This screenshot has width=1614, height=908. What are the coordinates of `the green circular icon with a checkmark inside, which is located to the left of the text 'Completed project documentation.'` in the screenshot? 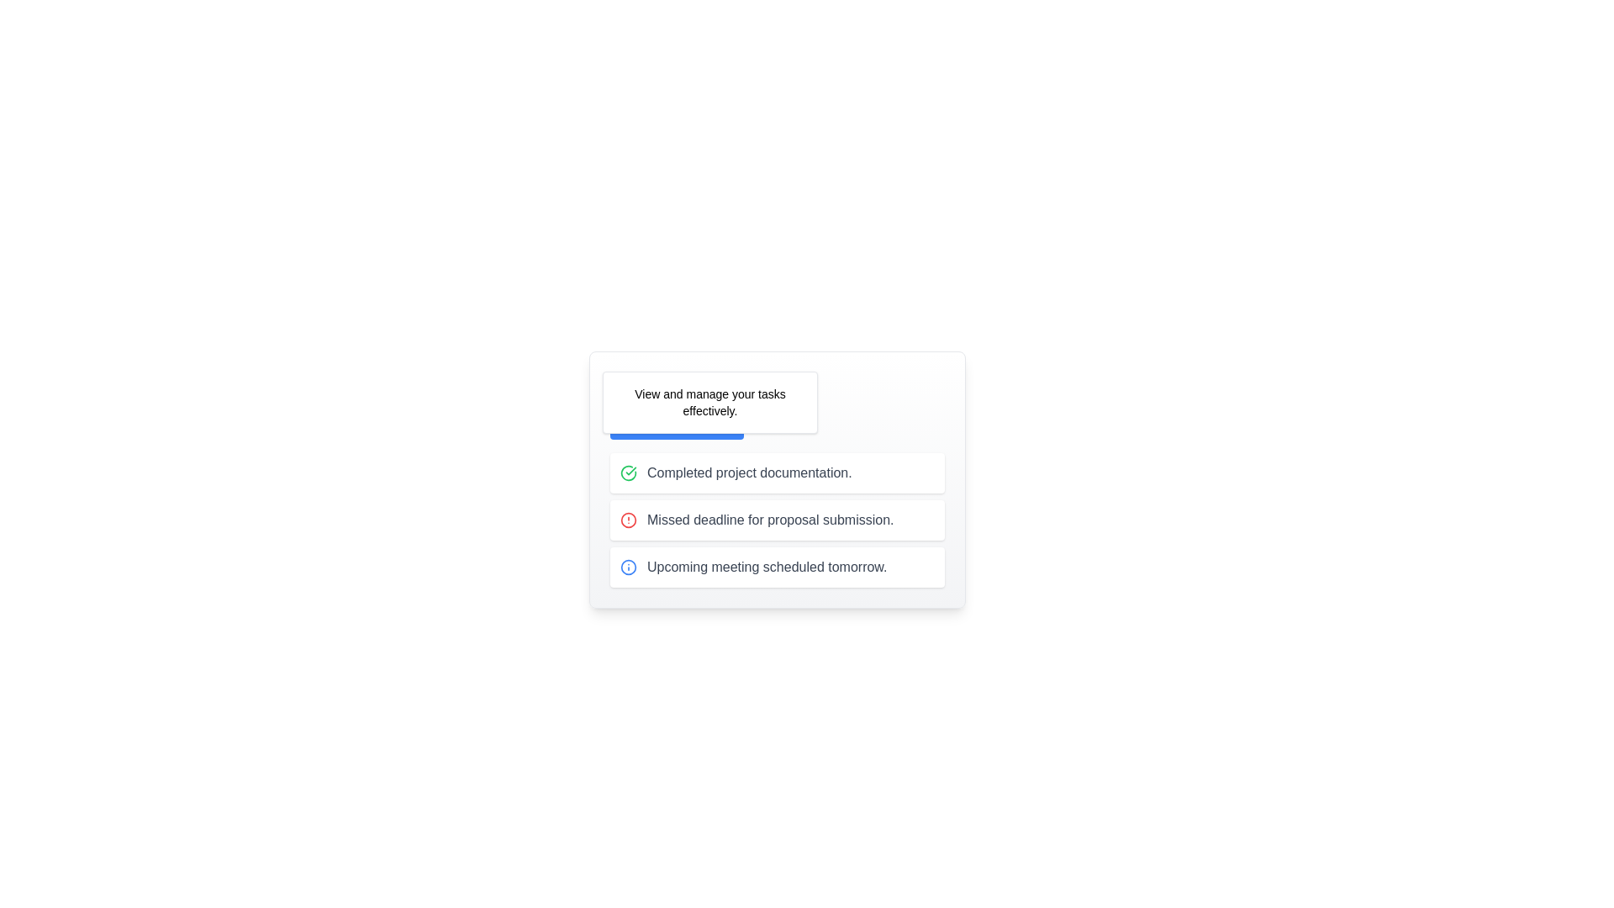 It's located at (628, 473).